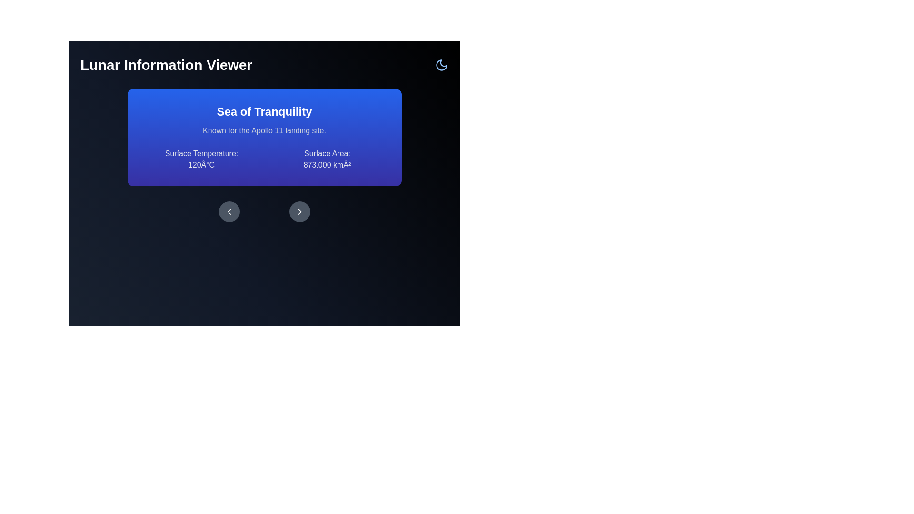 The image size is (914, 514). I want to click on the vector graphic representation of the chevron arrow used for backward navigation, so click(229, 211).